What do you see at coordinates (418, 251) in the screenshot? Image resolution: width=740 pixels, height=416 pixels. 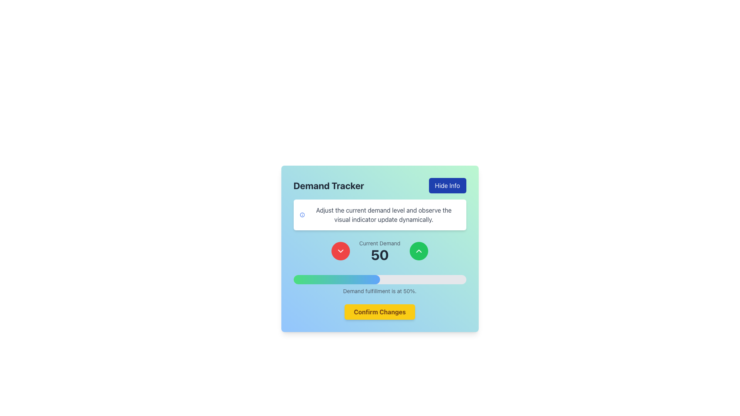 I see `the upward-pointing chevron icon button with a green circular background` at bounding box center [418, 251].